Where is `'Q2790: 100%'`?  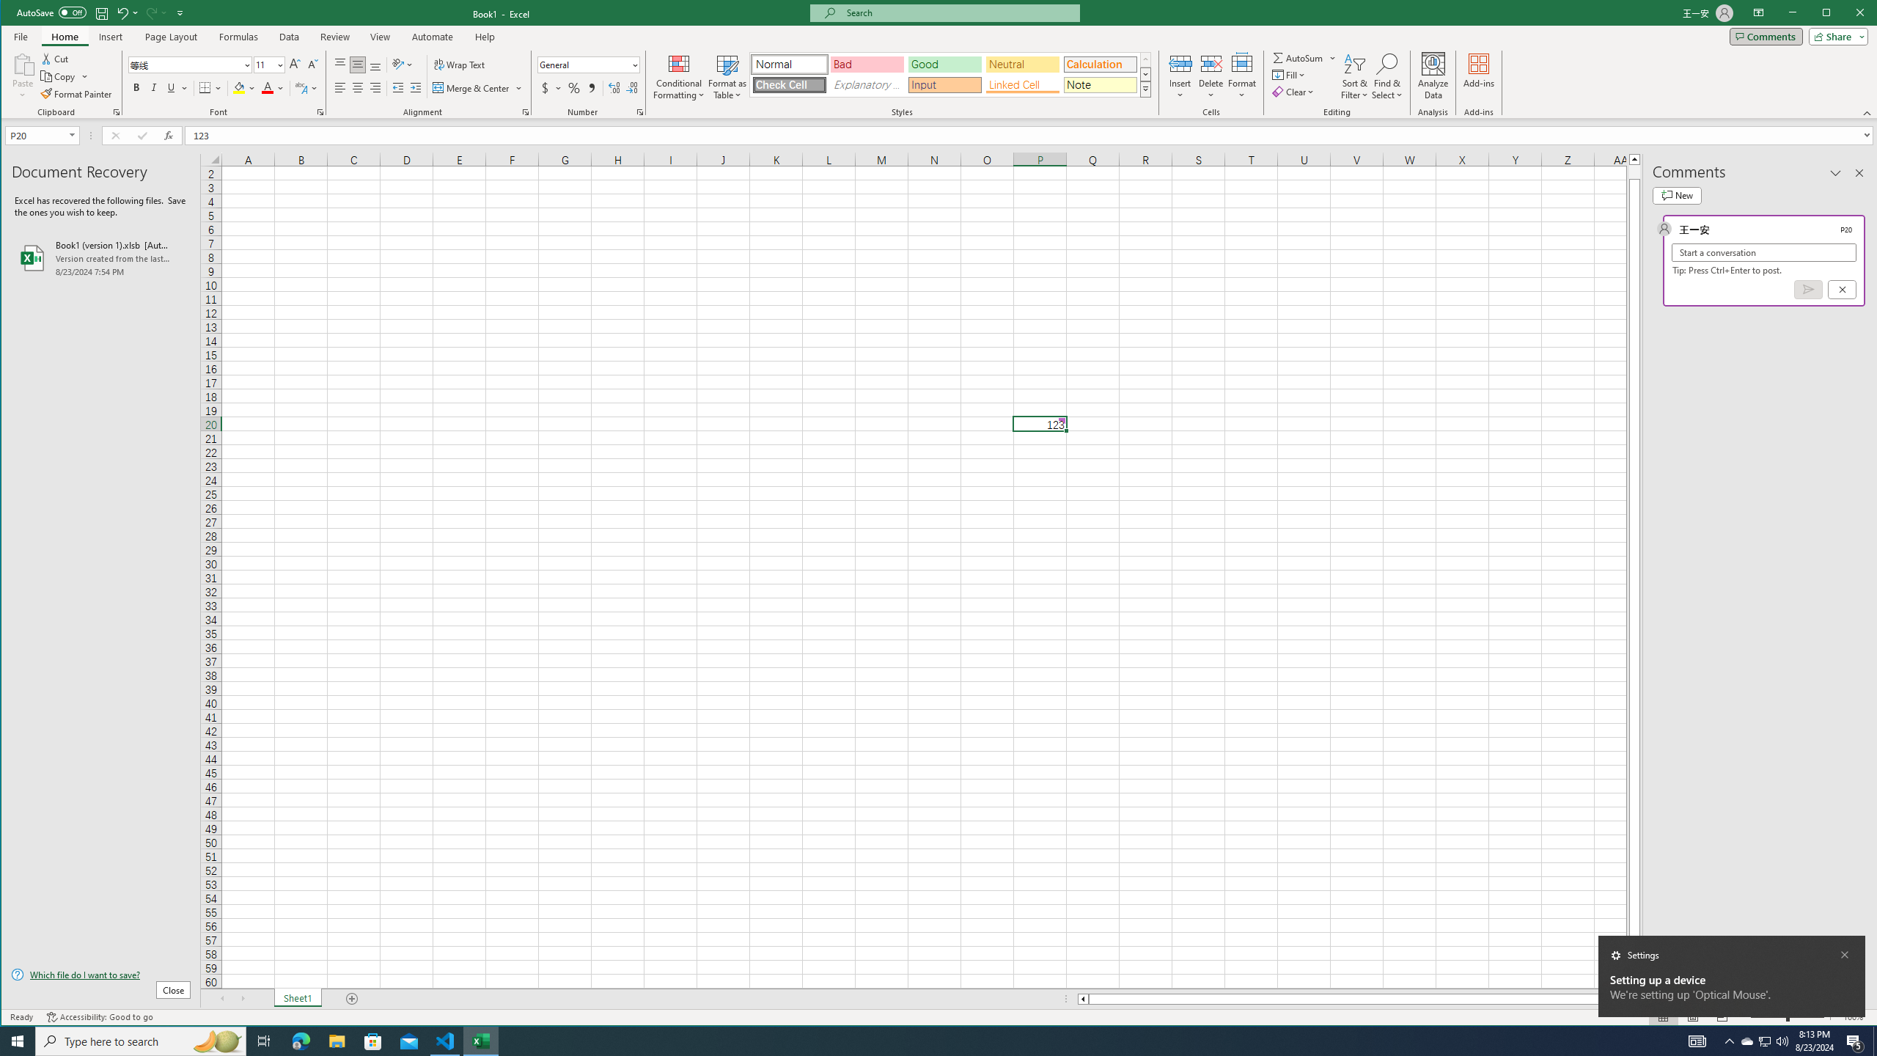
'Q2790: 100%' is located at coordinates (1781, 1040).